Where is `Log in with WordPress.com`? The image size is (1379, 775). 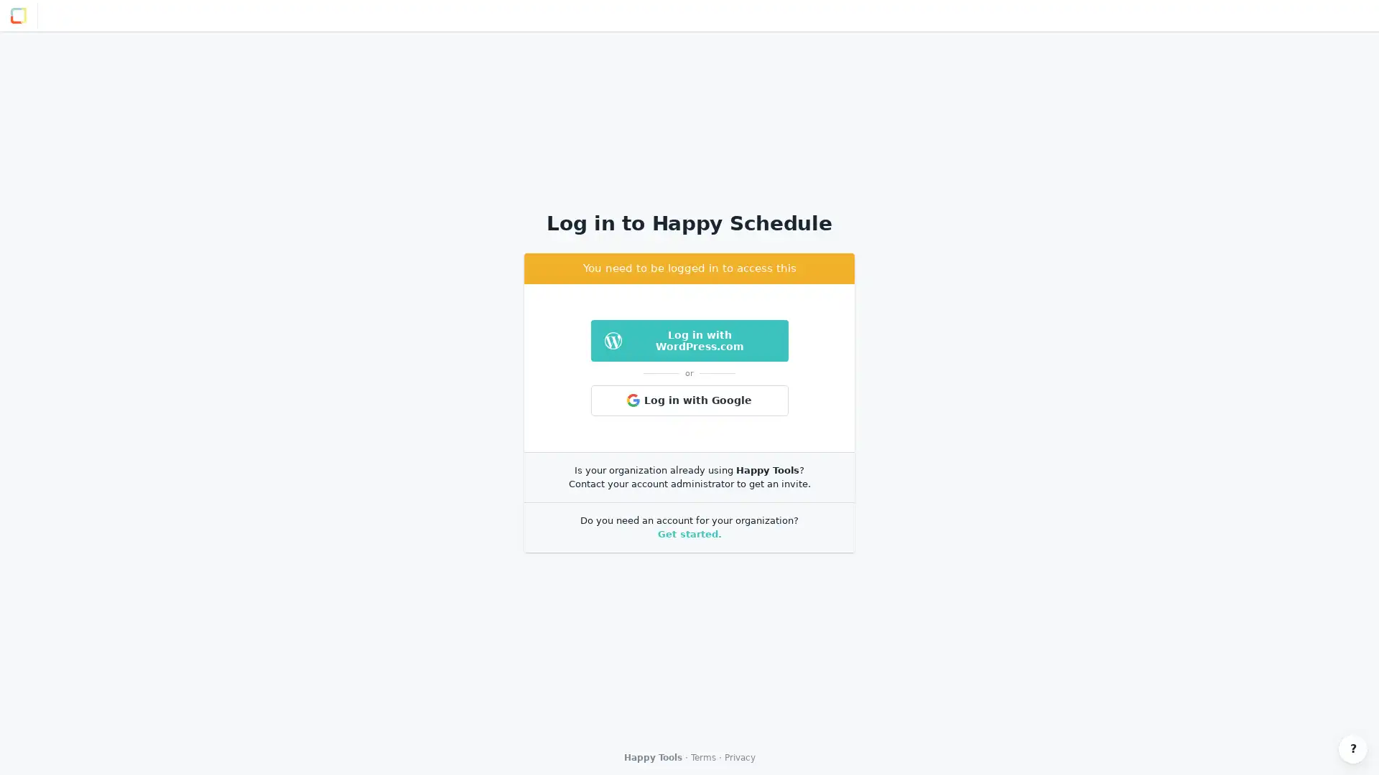
Log in with WordPress.com is located at coordinates (688, 340).